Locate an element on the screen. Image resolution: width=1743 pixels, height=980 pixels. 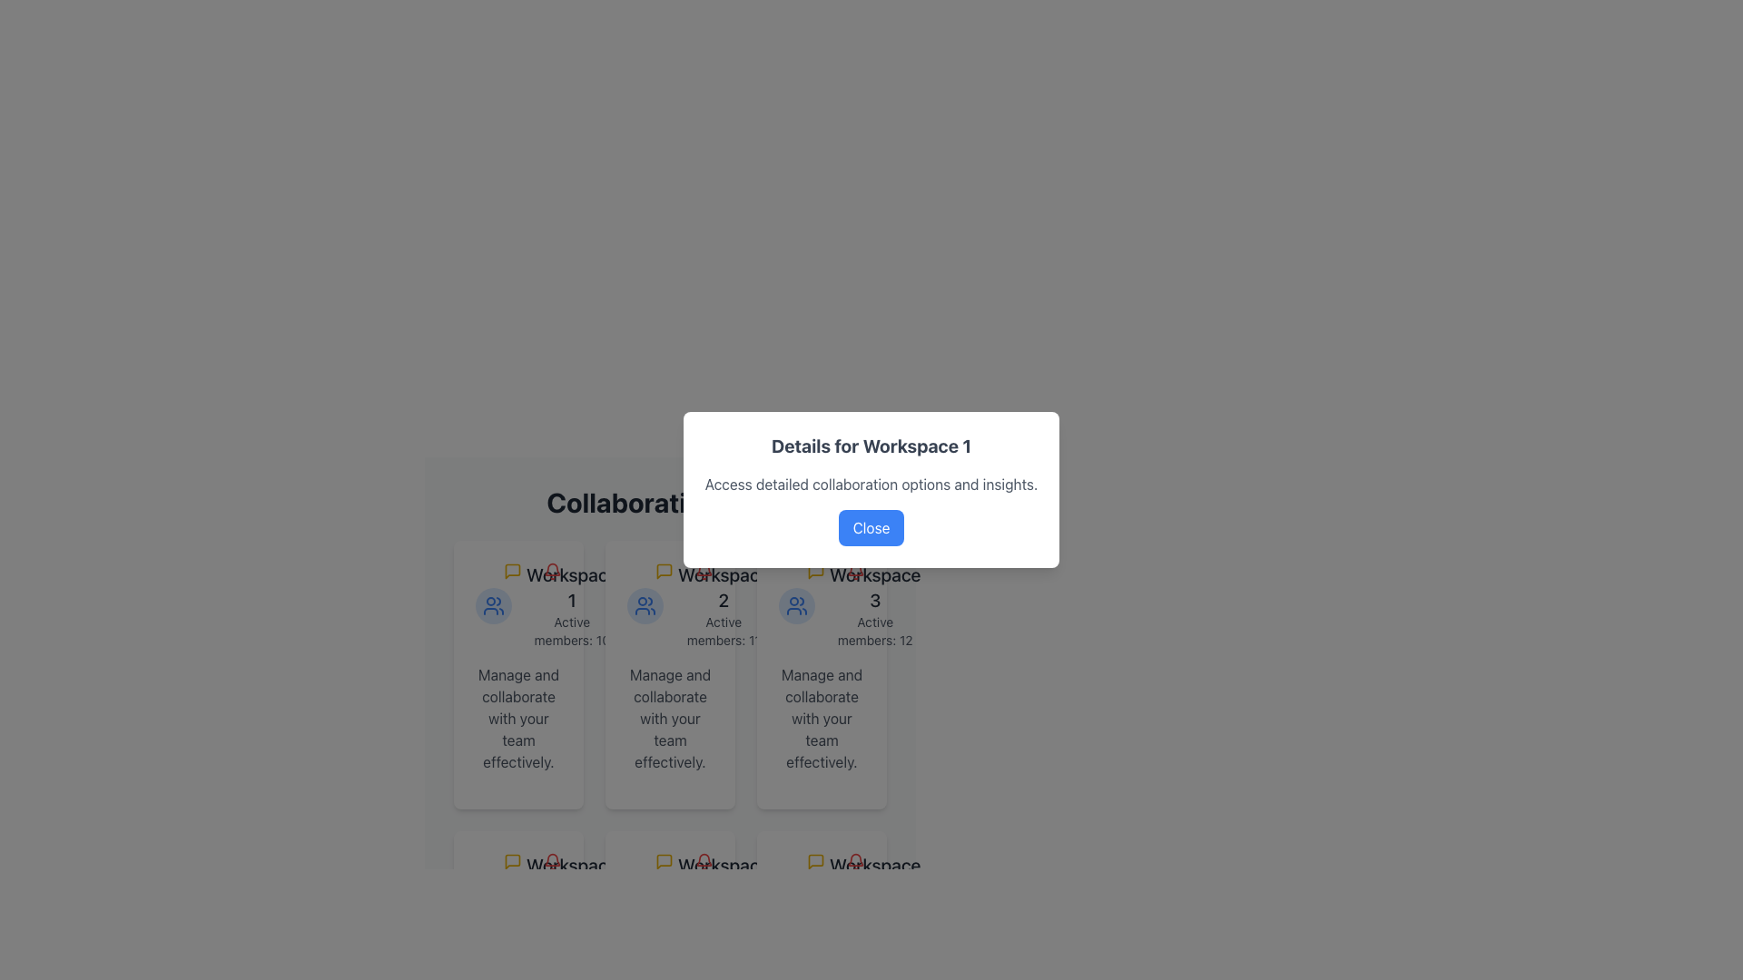
informational text element displaying 'Access detailed collaboration options and insights.' which is positioned below the header 'Details for Workspace 1' and above the 'Close' button is located at coordinates (871, 483).